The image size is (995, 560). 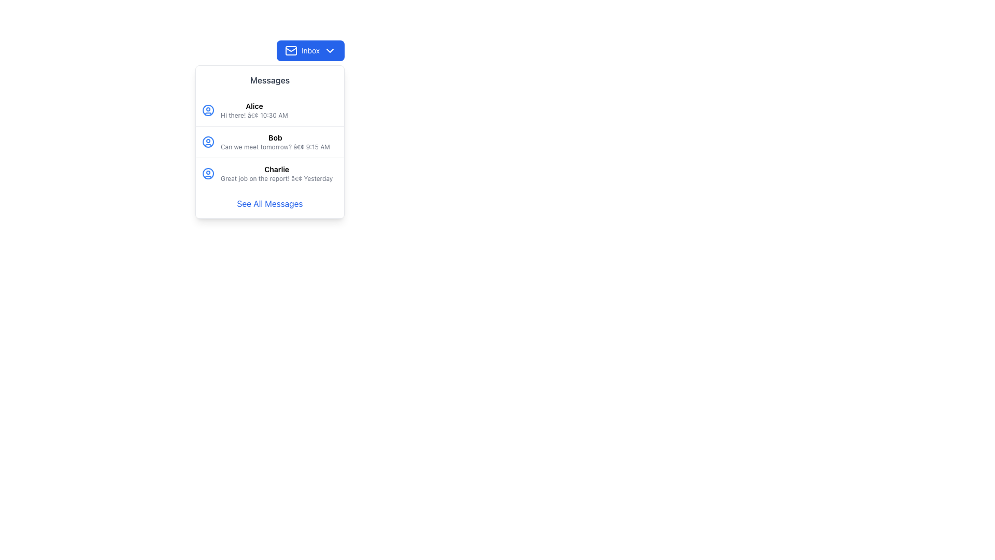 What do you see at coordinates (270, 142) in the screenshot?
I see `the second message preview list item from 'Bob'` at bounding box center [270, 142].